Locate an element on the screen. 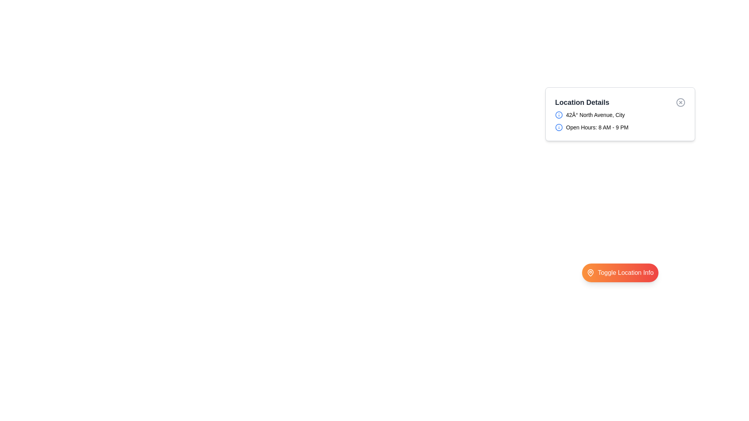 The height and width of the screenshot is (421, 749). the circular blue outlined information icon with an 'i' symbol located within the '42° North Avenue, City' group in the 'Location Details' panel to retrieve information is located at coordinates (559, 115).